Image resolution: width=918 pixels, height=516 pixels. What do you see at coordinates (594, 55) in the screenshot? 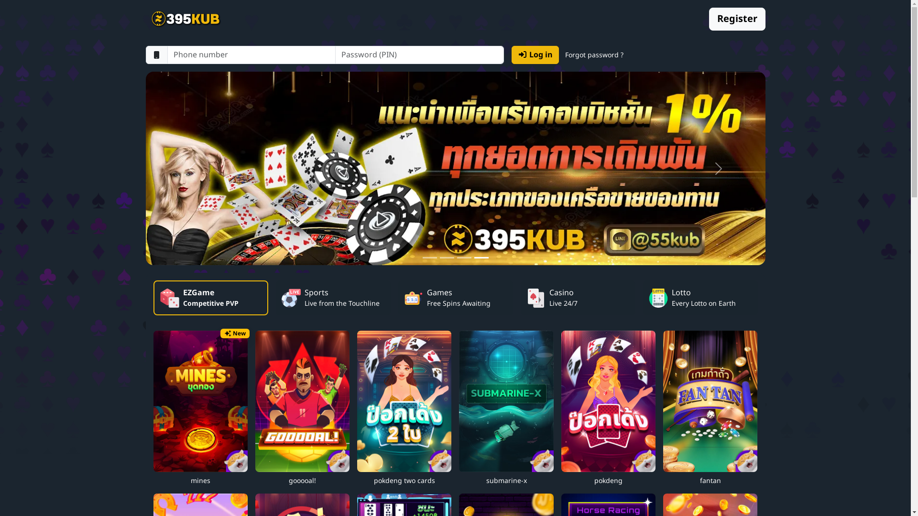
I see `'Forgot password ?'` at bounding box center [594, 55].